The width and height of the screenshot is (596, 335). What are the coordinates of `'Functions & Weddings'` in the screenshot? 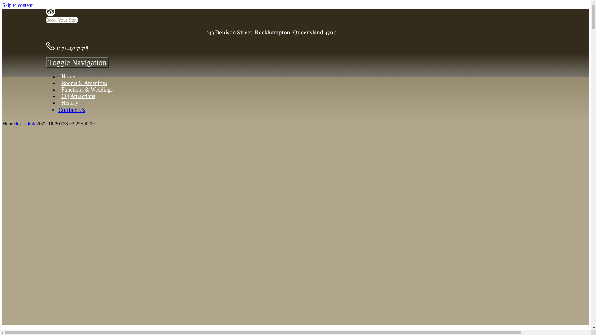 It's located at (87, 90).